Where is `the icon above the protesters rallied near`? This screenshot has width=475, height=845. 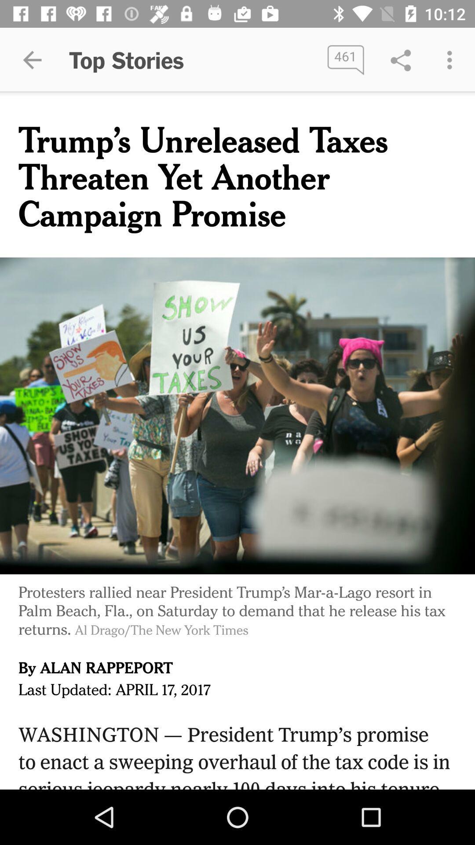 the icon above the protesters rallied near is located at coordinates (237, 415).